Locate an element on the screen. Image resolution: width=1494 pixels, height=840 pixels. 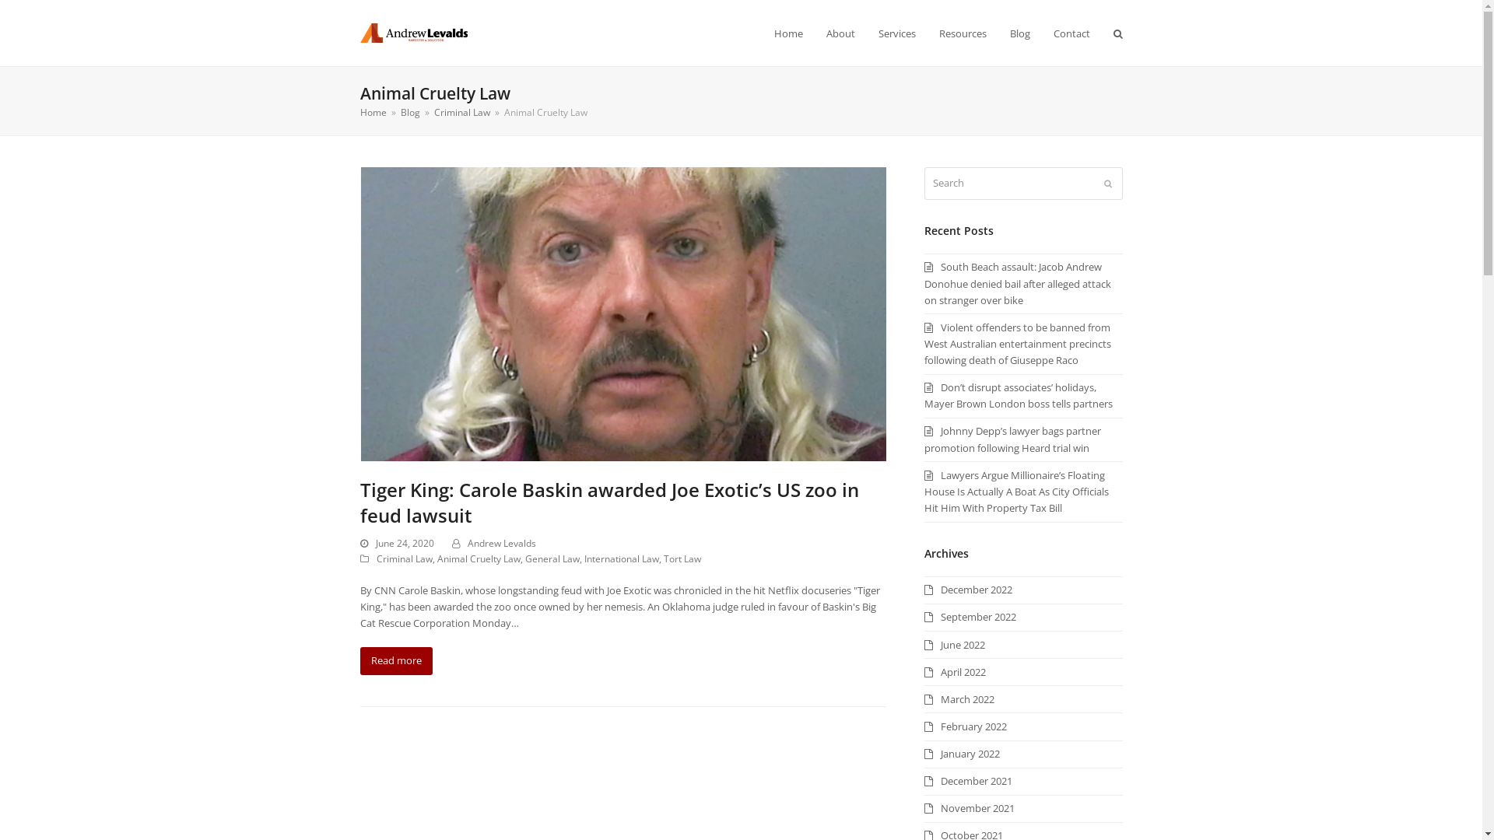
'Criminal Law' is located at coordinates (404, 558).